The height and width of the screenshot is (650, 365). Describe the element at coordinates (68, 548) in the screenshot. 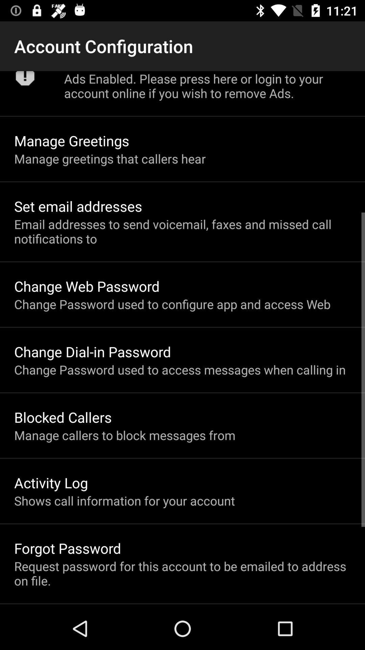

I see `icon below the shows call information item` at that location.